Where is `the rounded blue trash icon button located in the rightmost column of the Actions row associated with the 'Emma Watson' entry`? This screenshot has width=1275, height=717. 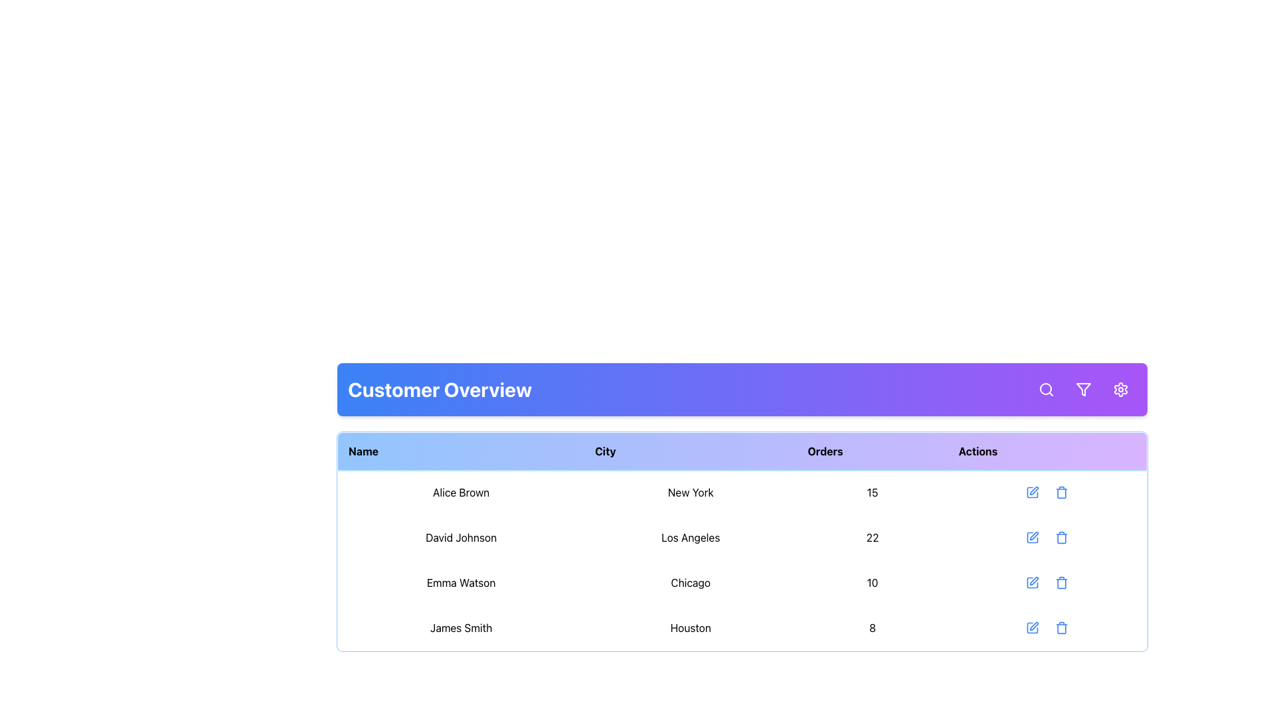
the rounded blue trash icon button located in the rightmost column of the Actions row associated with the 'Emma Watson' entry is located at coordinates (1061, 582).